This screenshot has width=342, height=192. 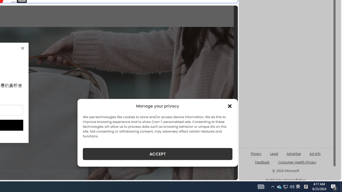 What do you see at coordinates (230, 106) in the screenshot?
I see `'Class: cmplz-close'` at bounding box center [230, 106].